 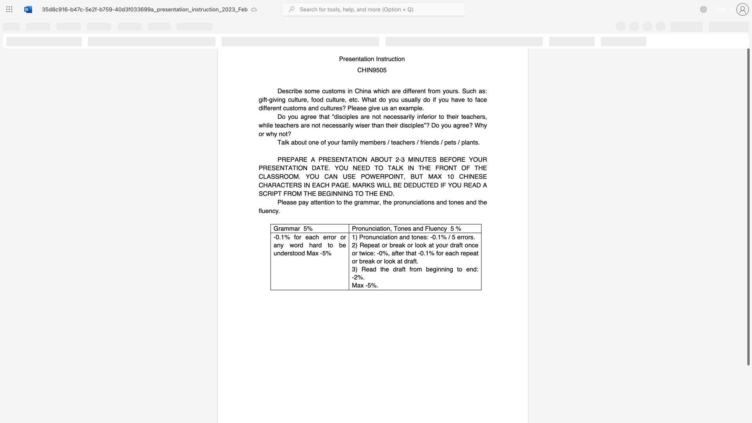 I want to click on the subset text "o be understood Max" within the text "-0.1% for each error or any word hard to be understood Max -5%", so click(x=329, y=244).